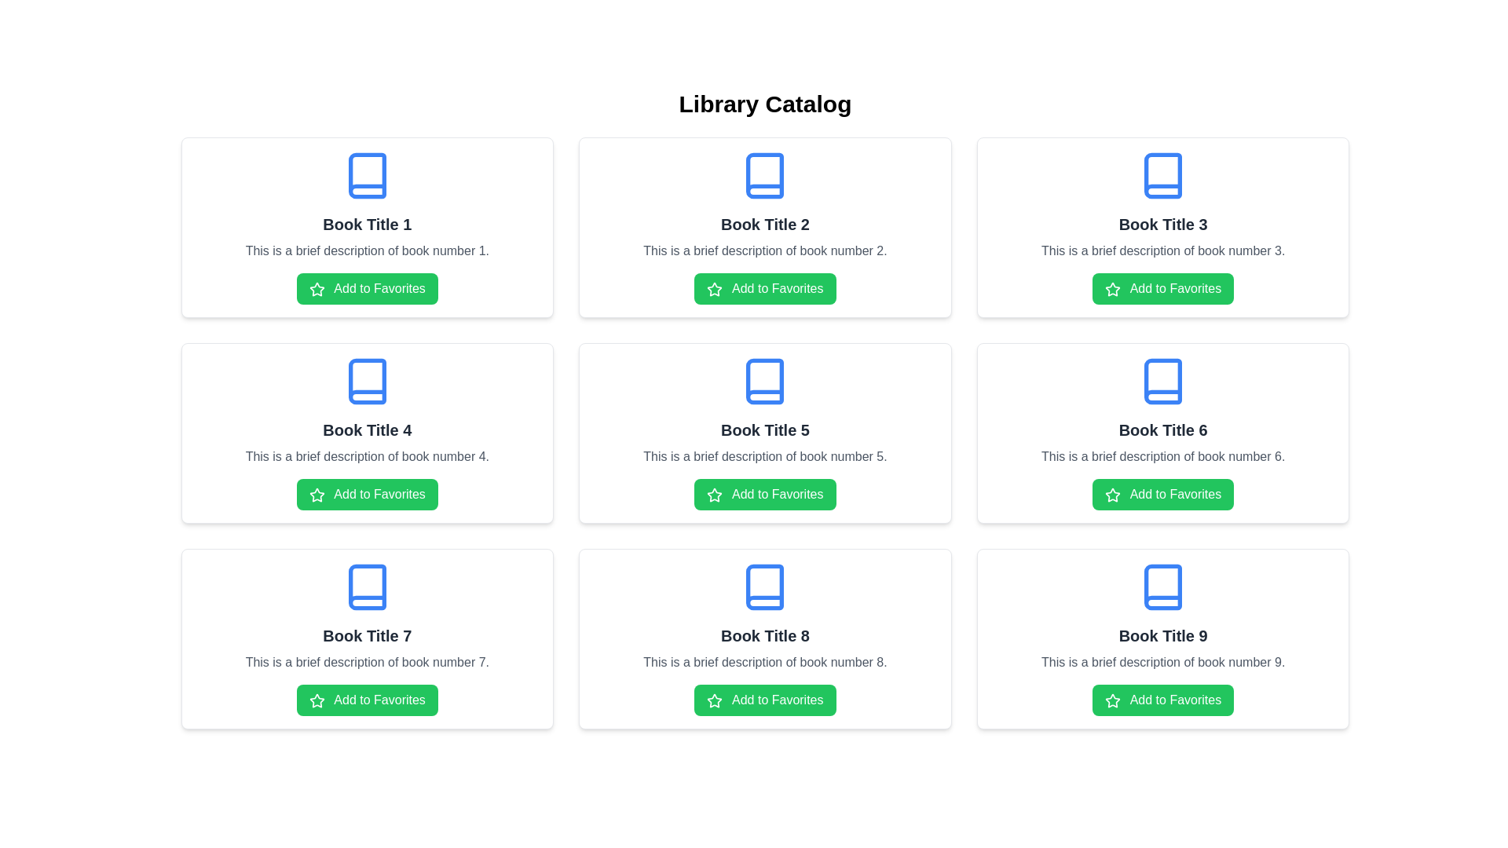 This screenshot has height=848, width=1508. I want to click on the blue book icon with rounded corners located in the second card of the grid, above the text 'Book Title 2', so click(765, 175).